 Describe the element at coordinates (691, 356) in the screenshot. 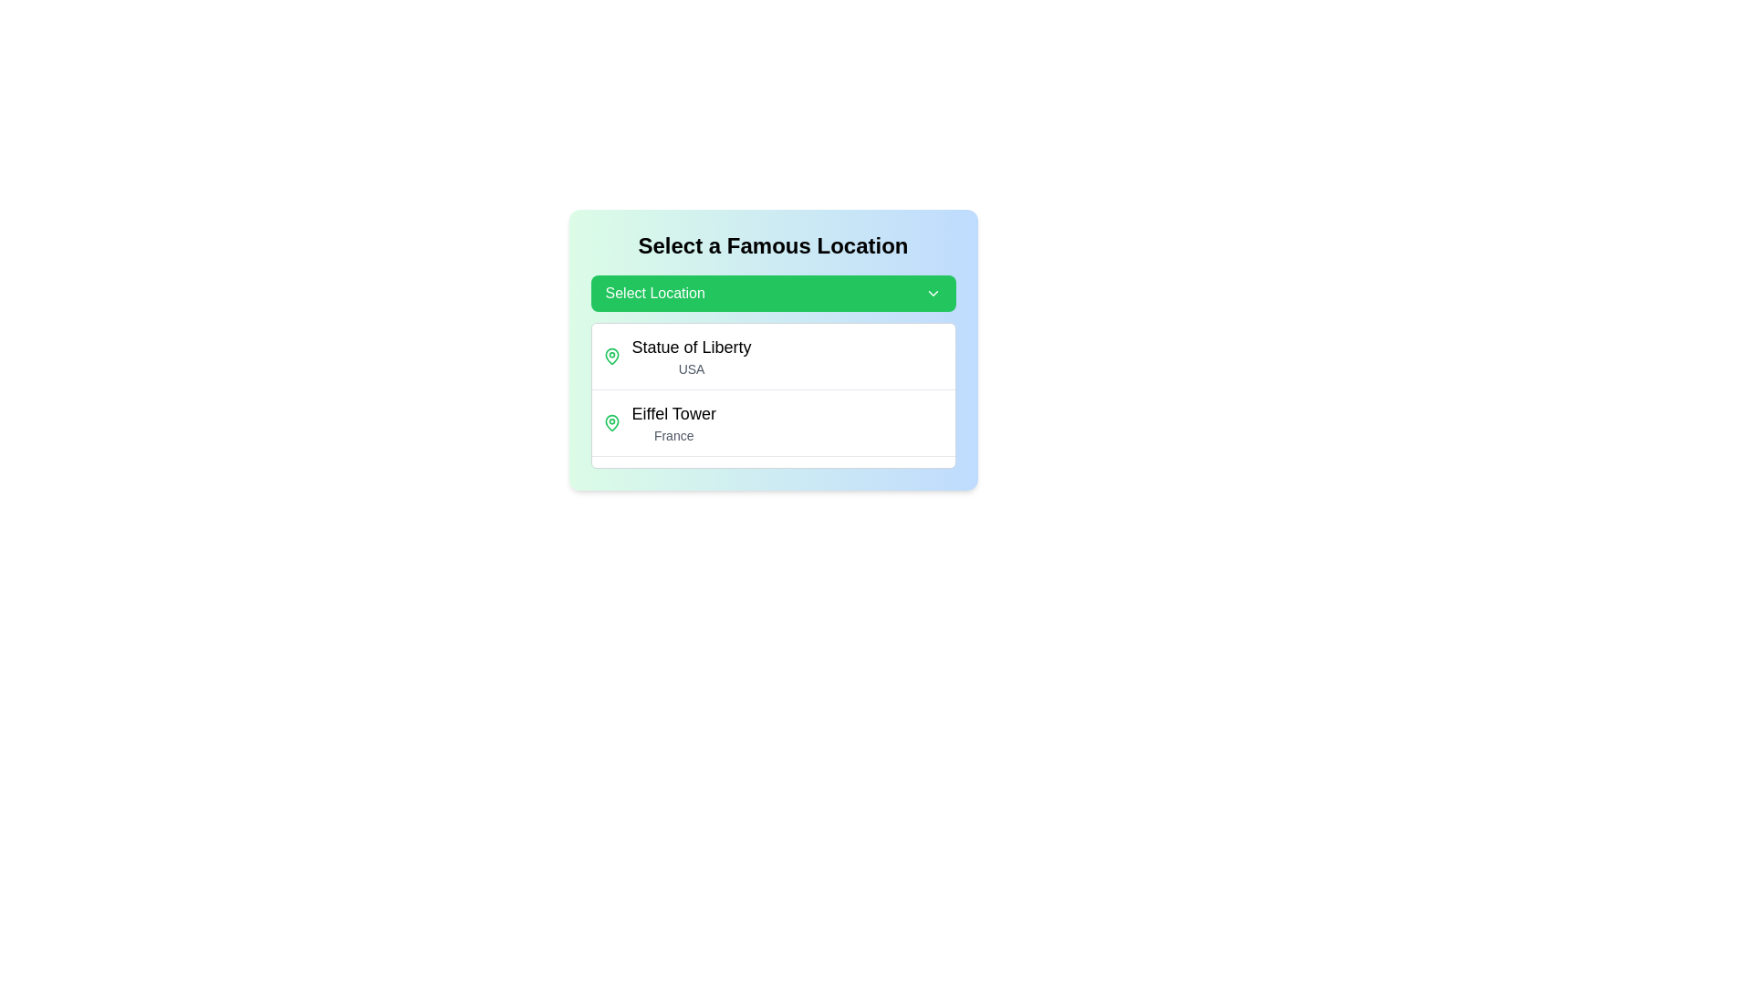

I see `the first list item titled 'Statue of Liberty' in the dropdown menu` at that location.